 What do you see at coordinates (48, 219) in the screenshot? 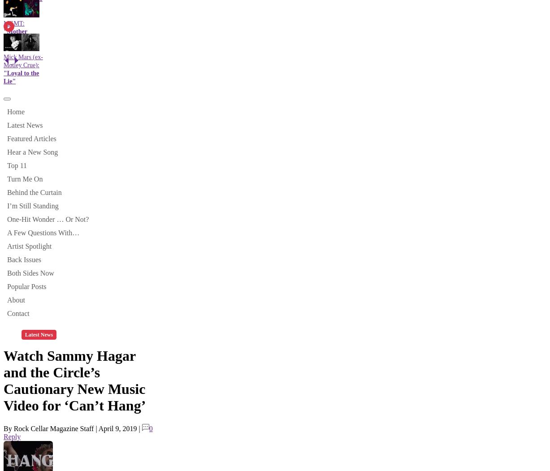
I see `'One-Hit Wonder … Or Not?'` at bounding box center [48, 219].